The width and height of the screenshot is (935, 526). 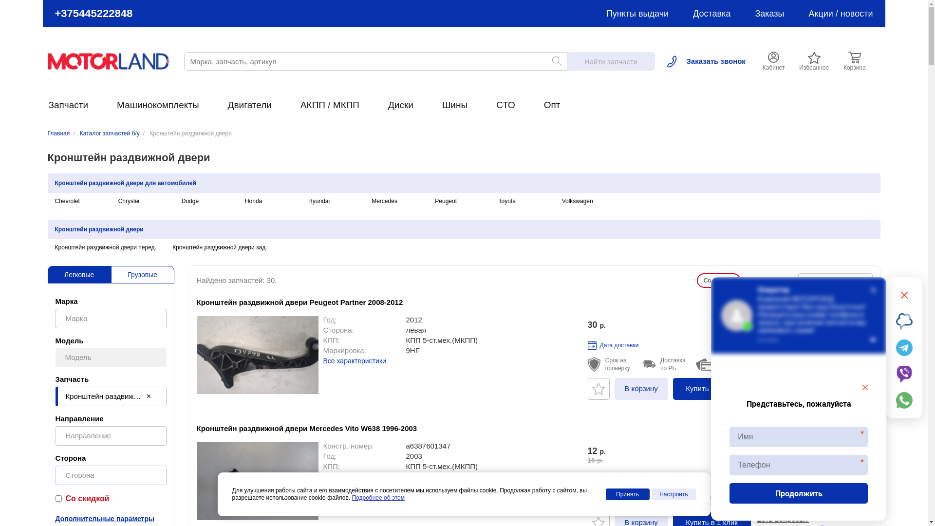 What do you see at coordinates (93, 13) in the screenshot?
I see `'+375445222848'` at bounding box center [93, 13].